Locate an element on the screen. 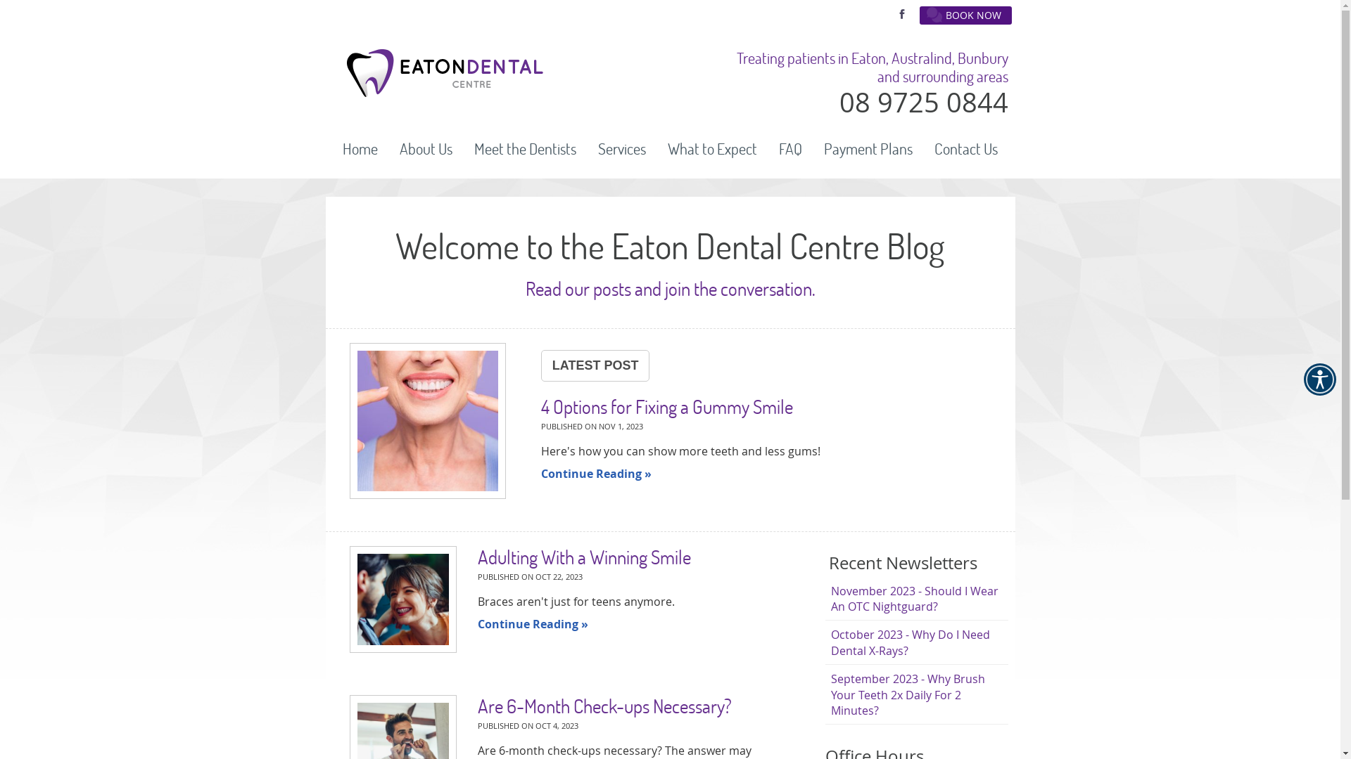 The height and width of the screenshot is (759, 1351). 'FAQ' is located at coordinates (790, 149).